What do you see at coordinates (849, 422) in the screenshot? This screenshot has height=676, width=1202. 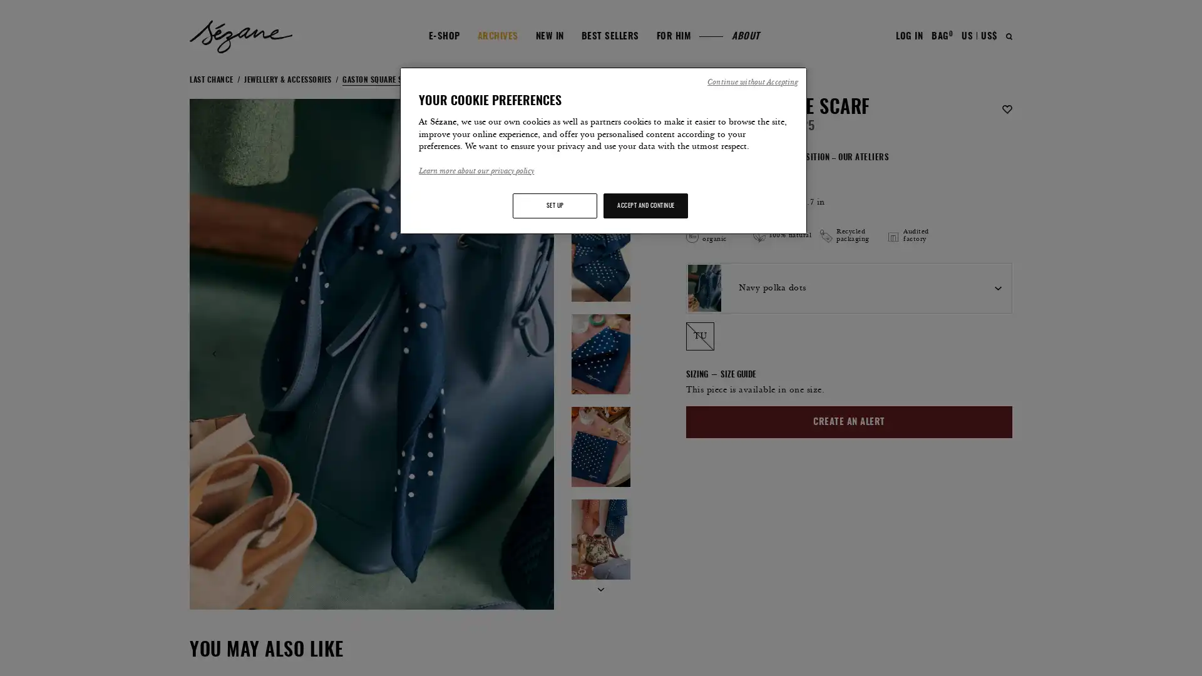 I see `CREATE AN ALERT` at bounding box center [849, 422].